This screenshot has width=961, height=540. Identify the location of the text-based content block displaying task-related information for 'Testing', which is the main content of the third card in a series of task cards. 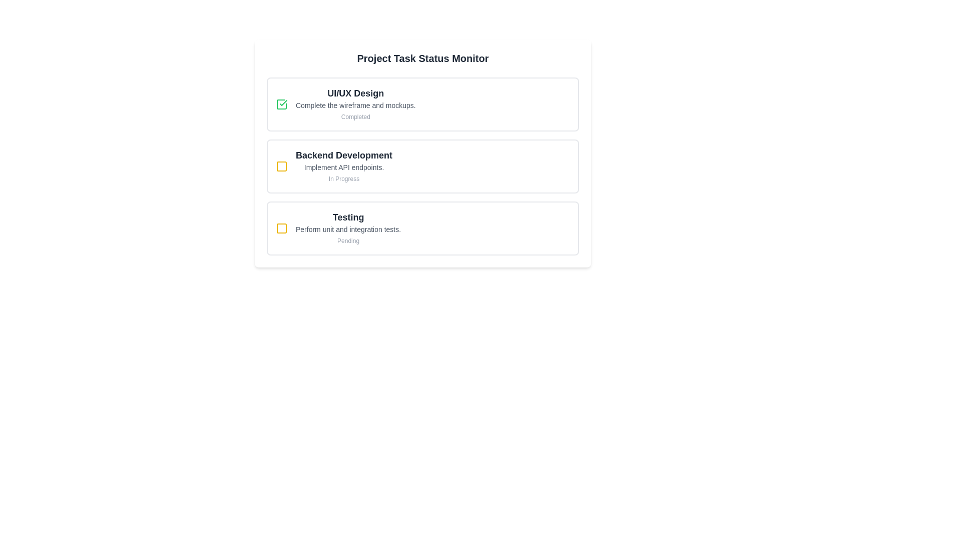
(348, 228).